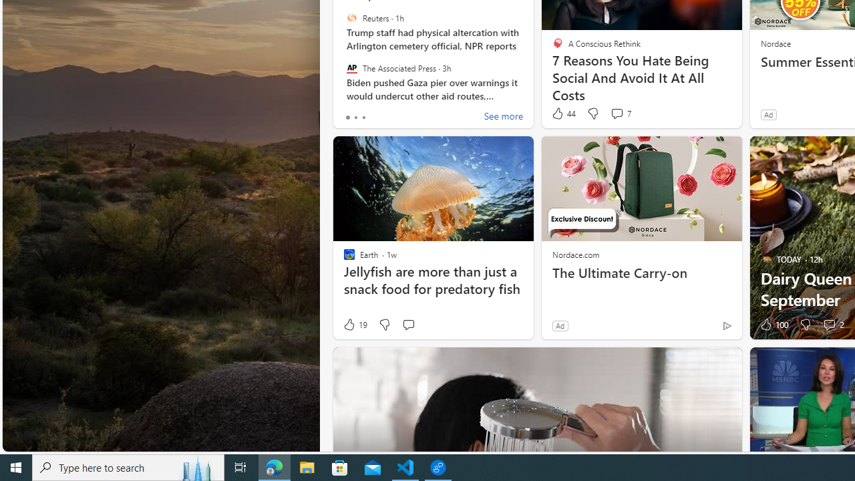 The height and width of the screenshot is (481, 855). What do you see at coordinates (563, 113) in the screenshot?
I see `'44 Like'` at bounding box center [563, 113].